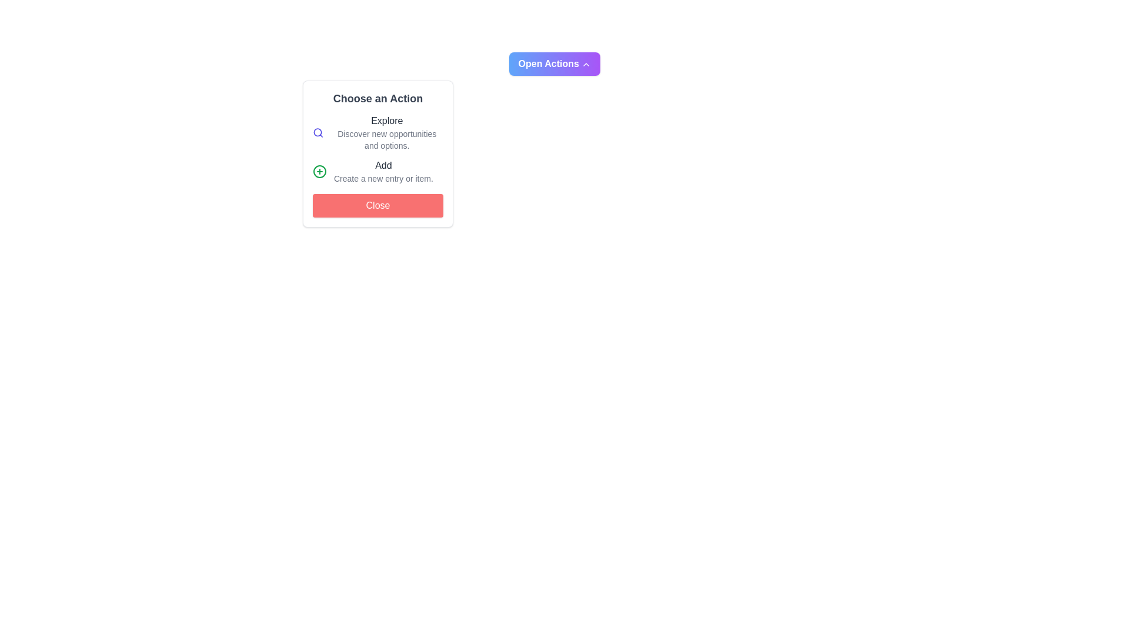  Describe the element at coordinates (387, 132) in the screenshot. I see `the text block labeled 'Explore' which contains the subheading 'Discover new opportunities and options.' in the 'Choose an Action' dialog box` at that location.